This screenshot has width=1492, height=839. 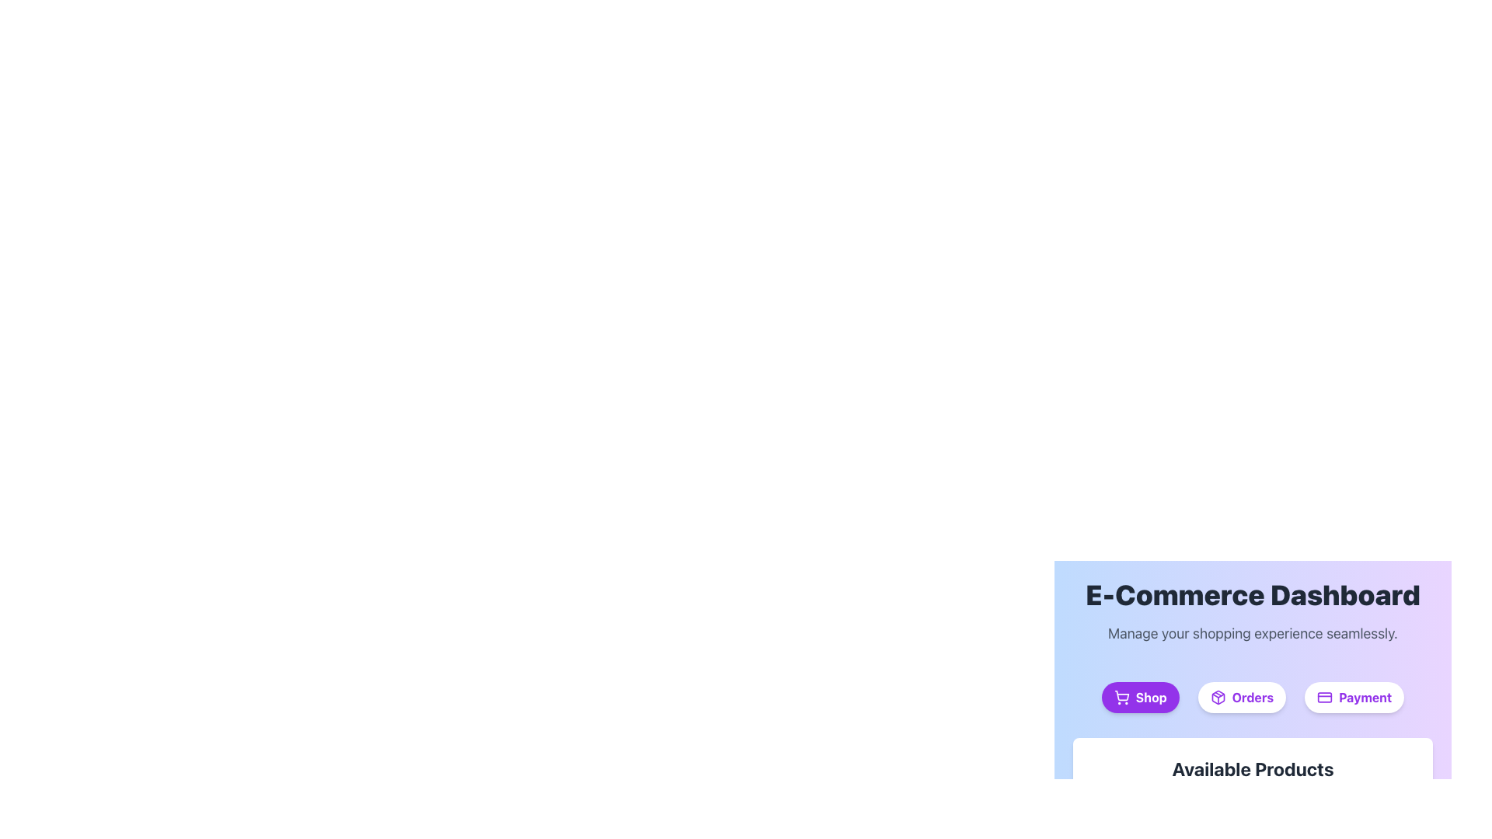 I want to click on the interactive title section that displays 'E-Commerce Dashboard' and its subtitle 'Manage your shopping experience seamlessly.' This section is prominently styled and located at the top of the interface, so click(x=1253, y=611).